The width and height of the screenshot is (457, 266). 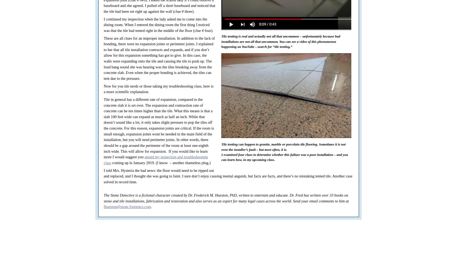 I want to click on '– another shameless plug.)', so click(x=169, y=162).